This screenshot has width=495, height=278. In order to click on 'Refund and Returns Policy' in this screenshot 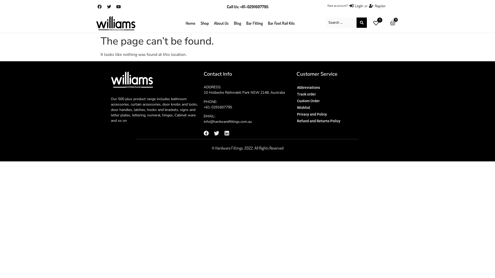, I will do `click(328, 121)`.